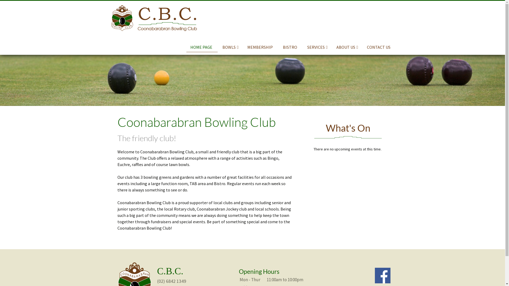 The image size is (509, 286). I want to click on 'BISTRO', so click(290, 47).